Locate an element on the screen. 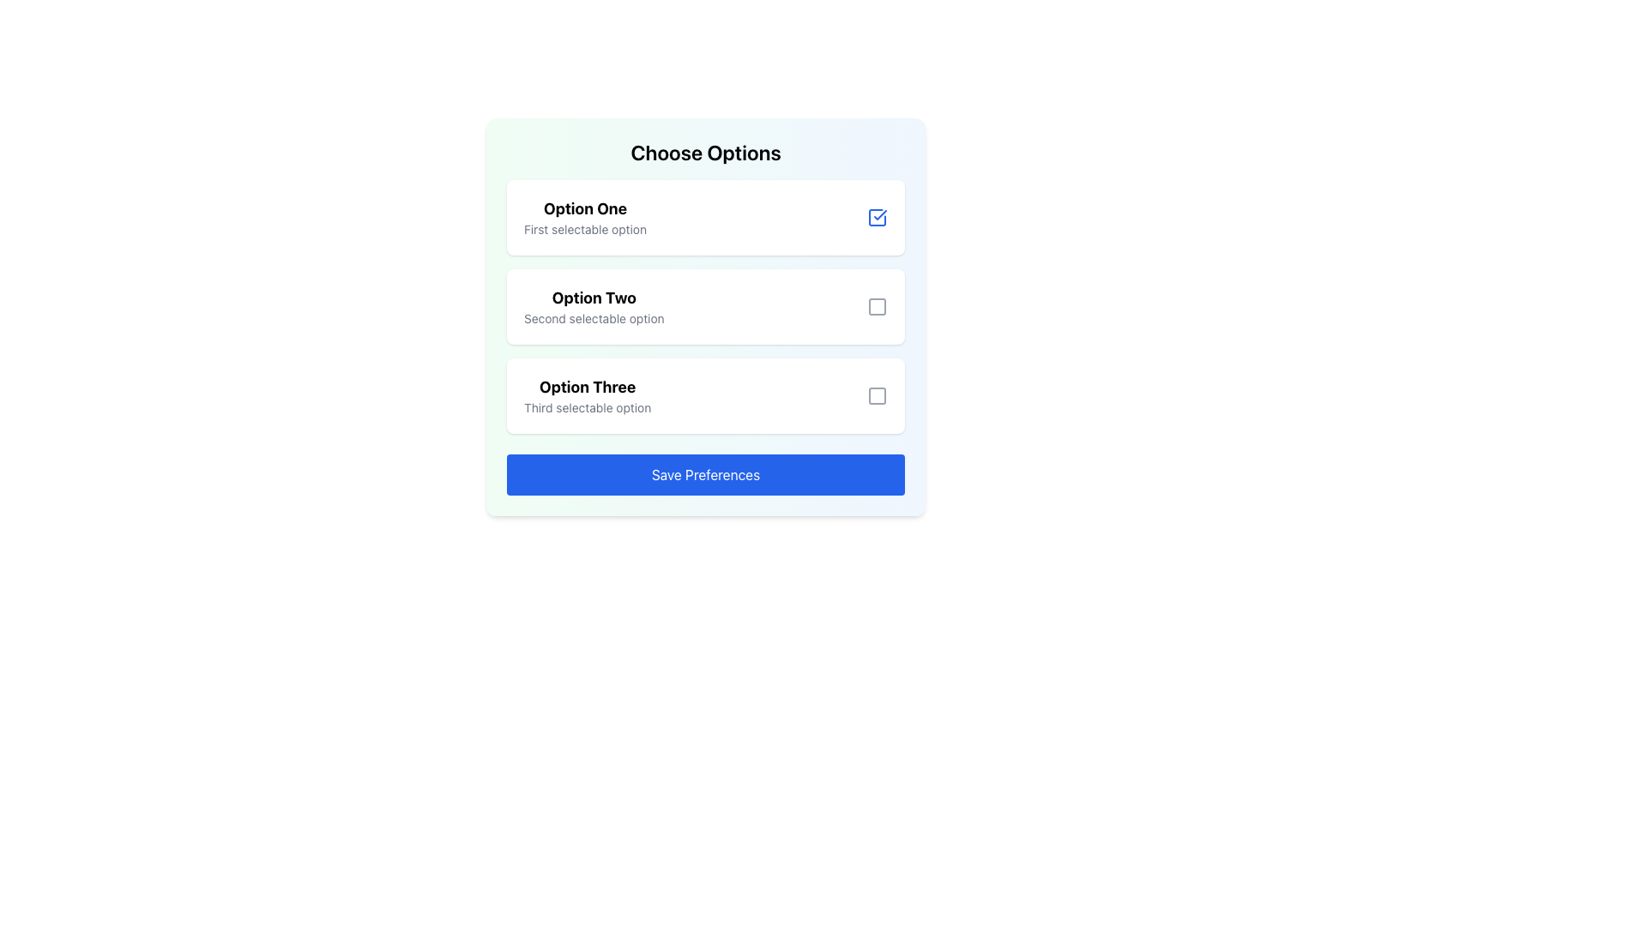 The image size is (1647, 926). the checkbox icon located to the right of the 'Option Three' text is located at coordinates (877, 396).